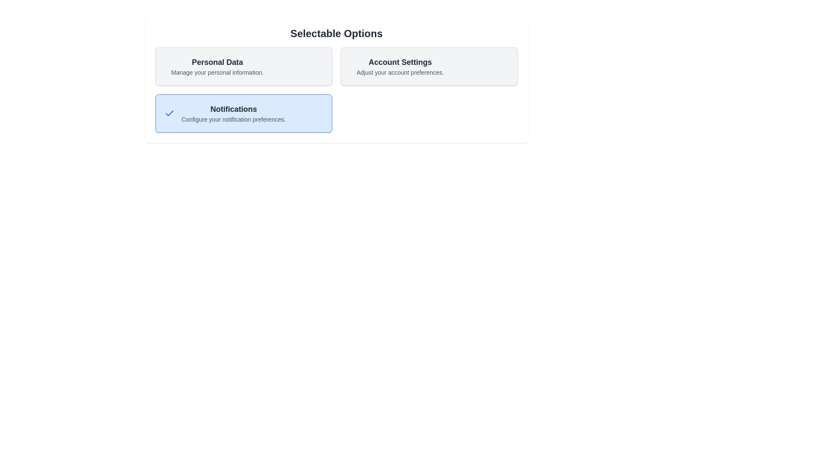  Describe the element at coordinates (170, 113) in the screenshot. I see `the selection state of the Notifications icon located in the top-left corner of the Notifications selection box, which is the third option in the vertical layout` at that location.